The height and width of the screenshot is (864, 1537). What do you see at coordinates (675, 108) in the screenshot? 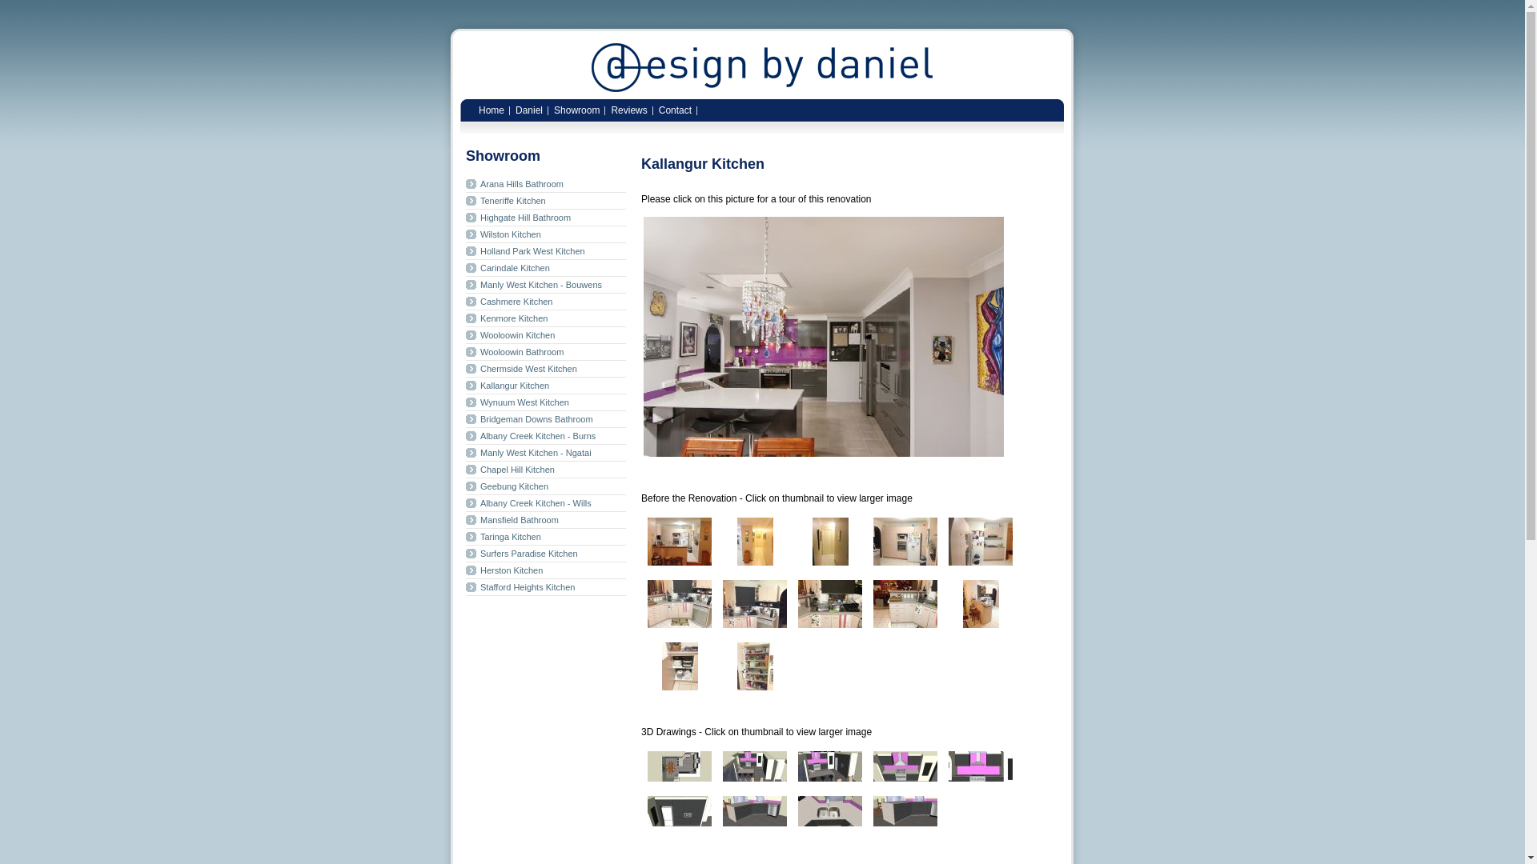
I see `'Contact'` at bounding box center [675, 108].